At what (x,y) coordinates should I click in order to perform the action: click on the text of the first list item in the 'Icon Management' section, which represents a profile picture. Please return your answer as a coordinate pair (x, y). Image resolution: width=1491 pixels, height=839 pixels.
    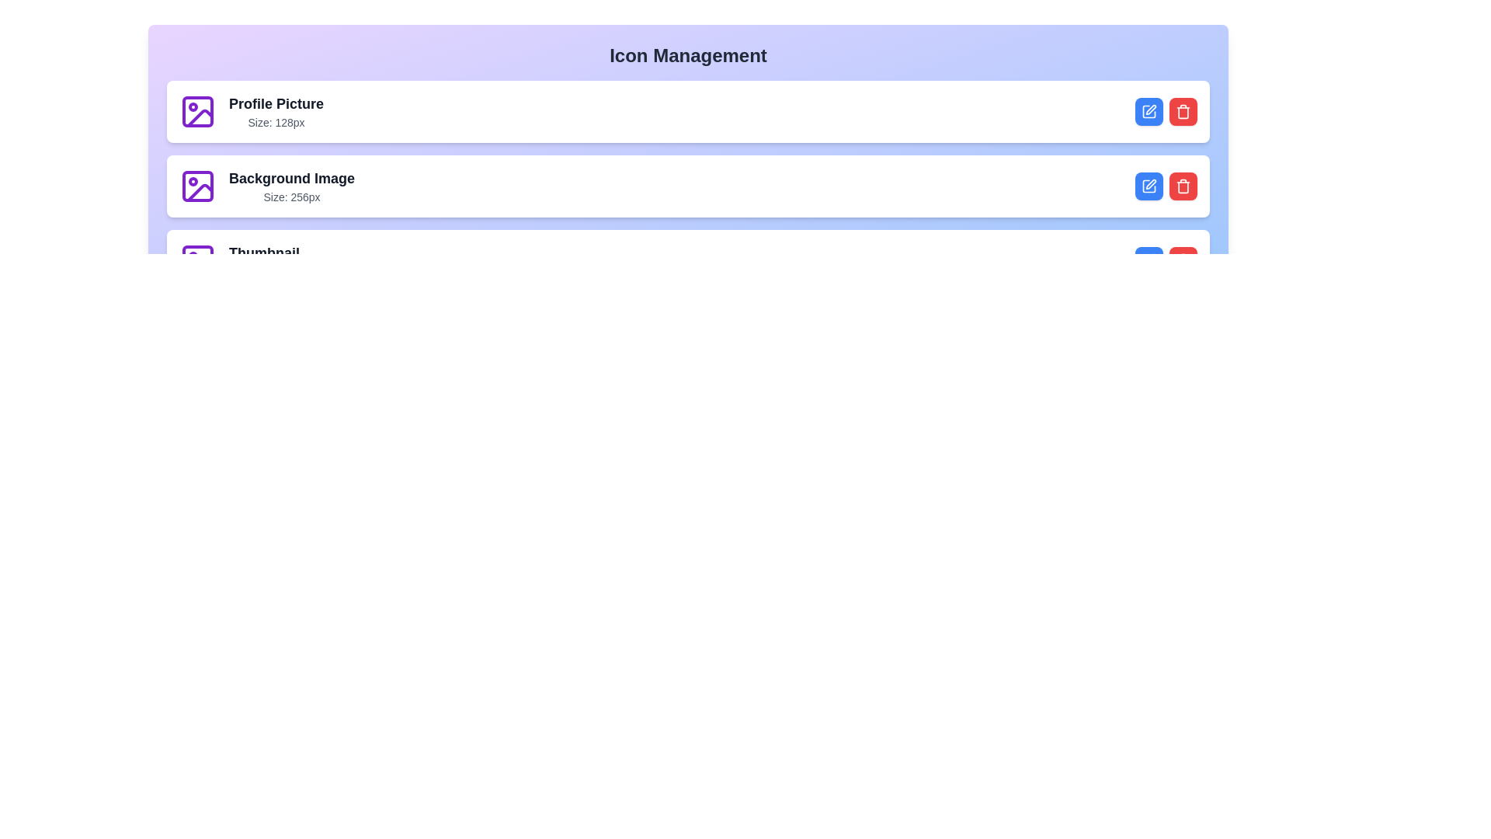
    Looking at the image, I should click on (252, 110).